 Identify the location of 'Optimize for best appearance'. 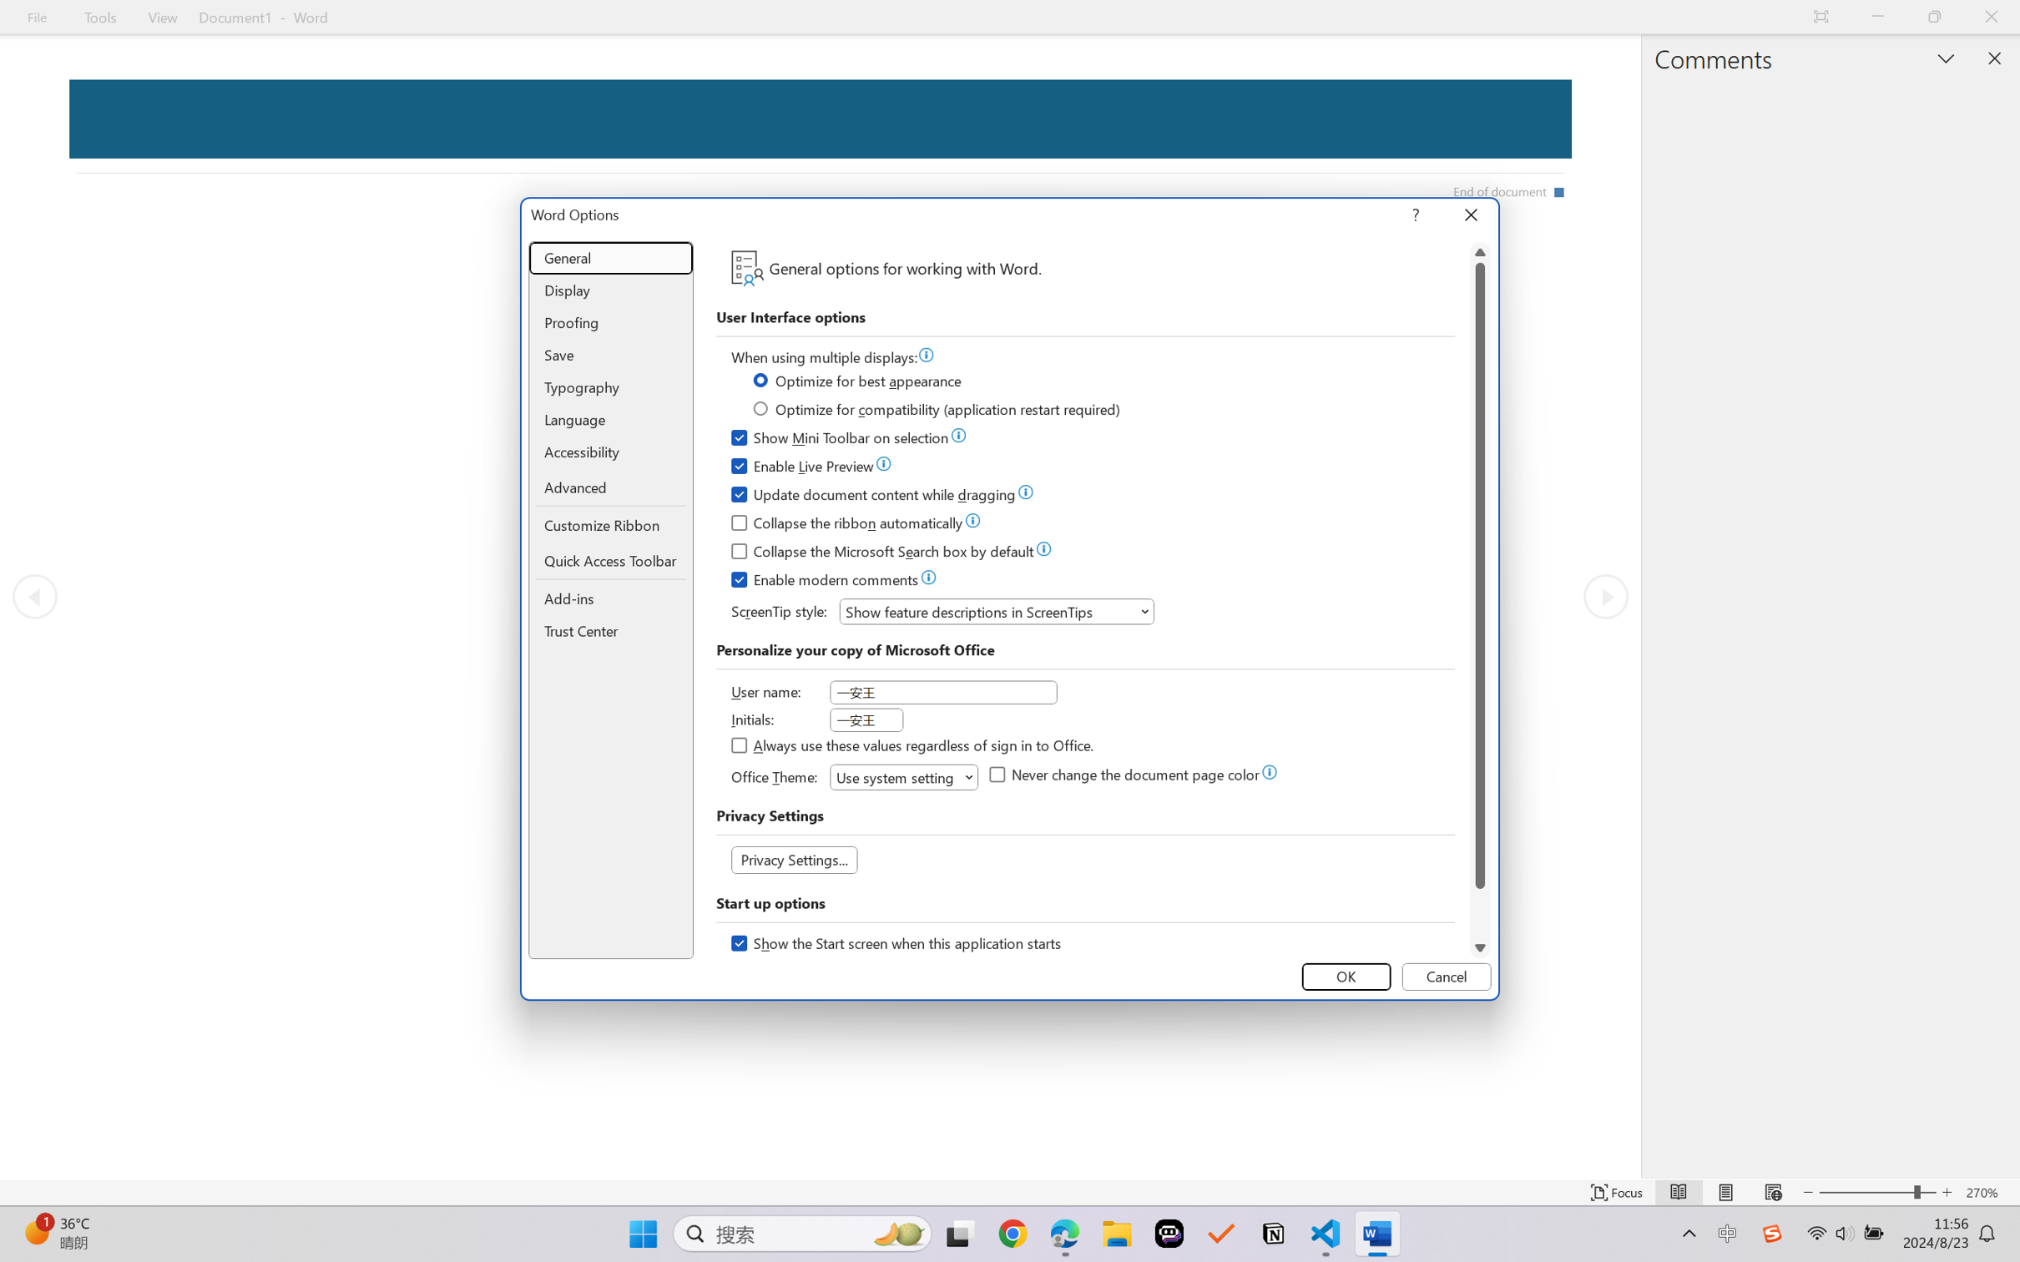
(858, 382).